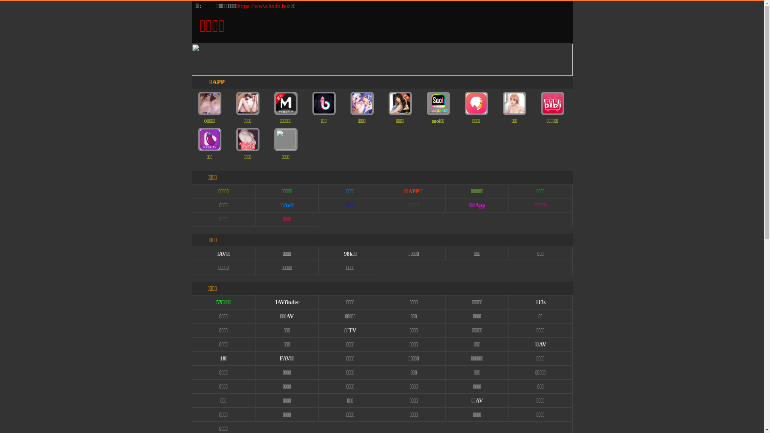  What do you see at coordinates (287, 302) in the screenshot?
I see `'JAVfinder'` at bounding box center [287, 302].